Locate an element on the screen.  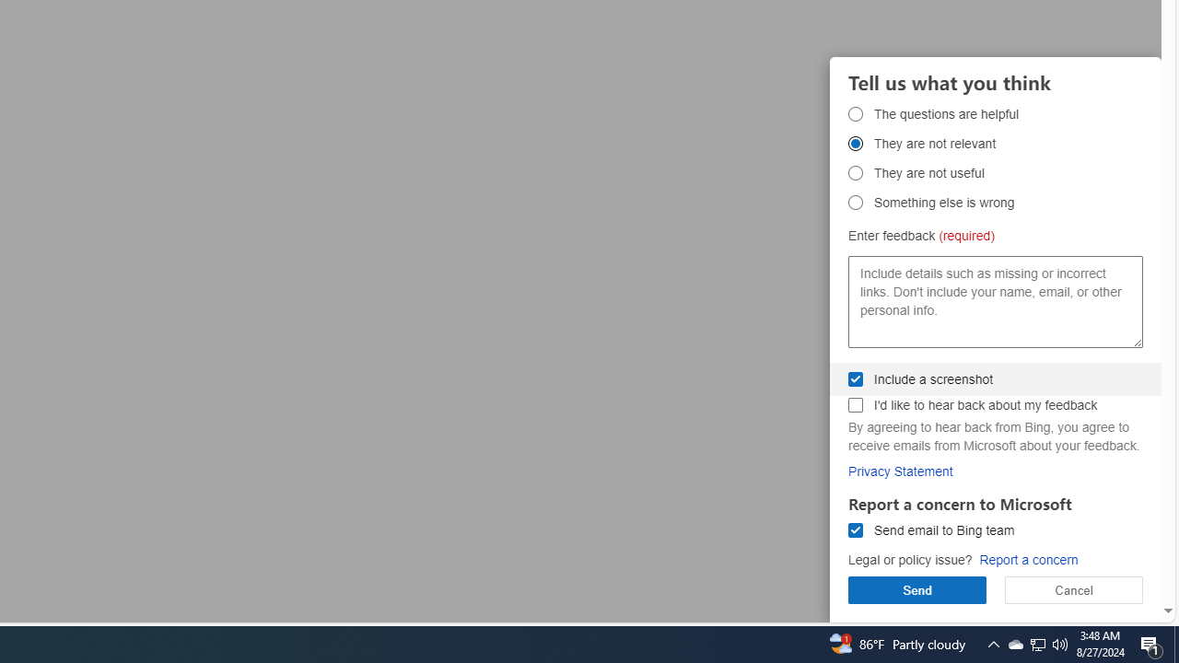
'Send email to Bing team Send email to Bing team' is located at coordinates (855, 530).